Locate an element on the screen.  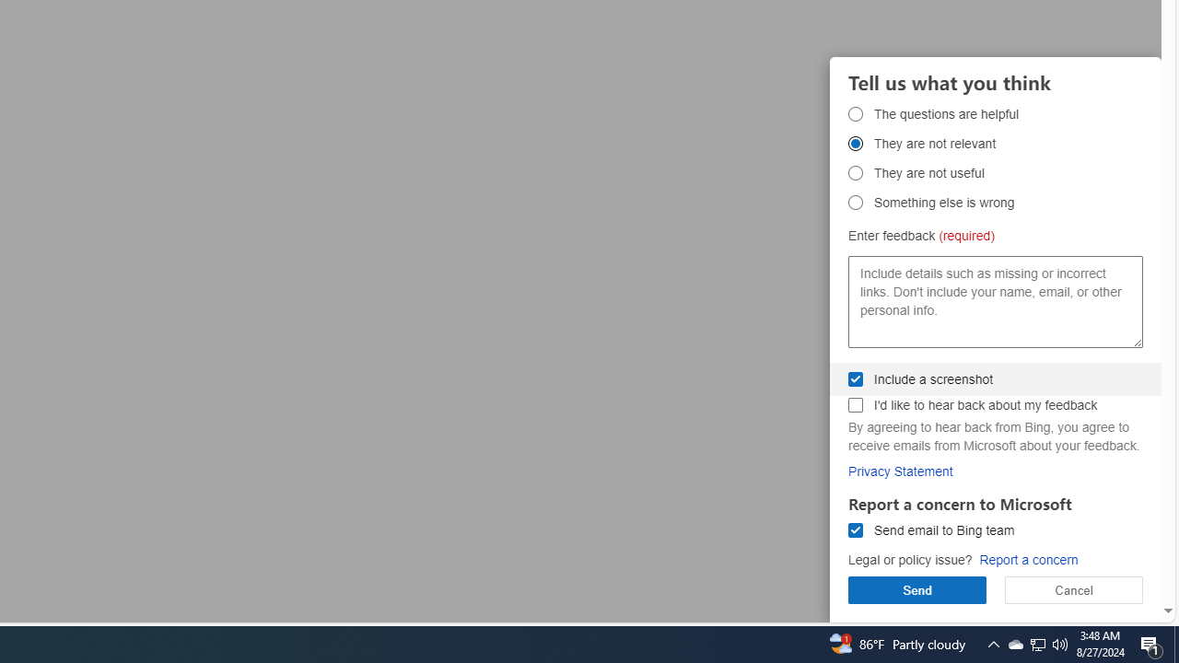
'Send email to Bing team Send email to Bing team' is located at coordinates (855, 530).